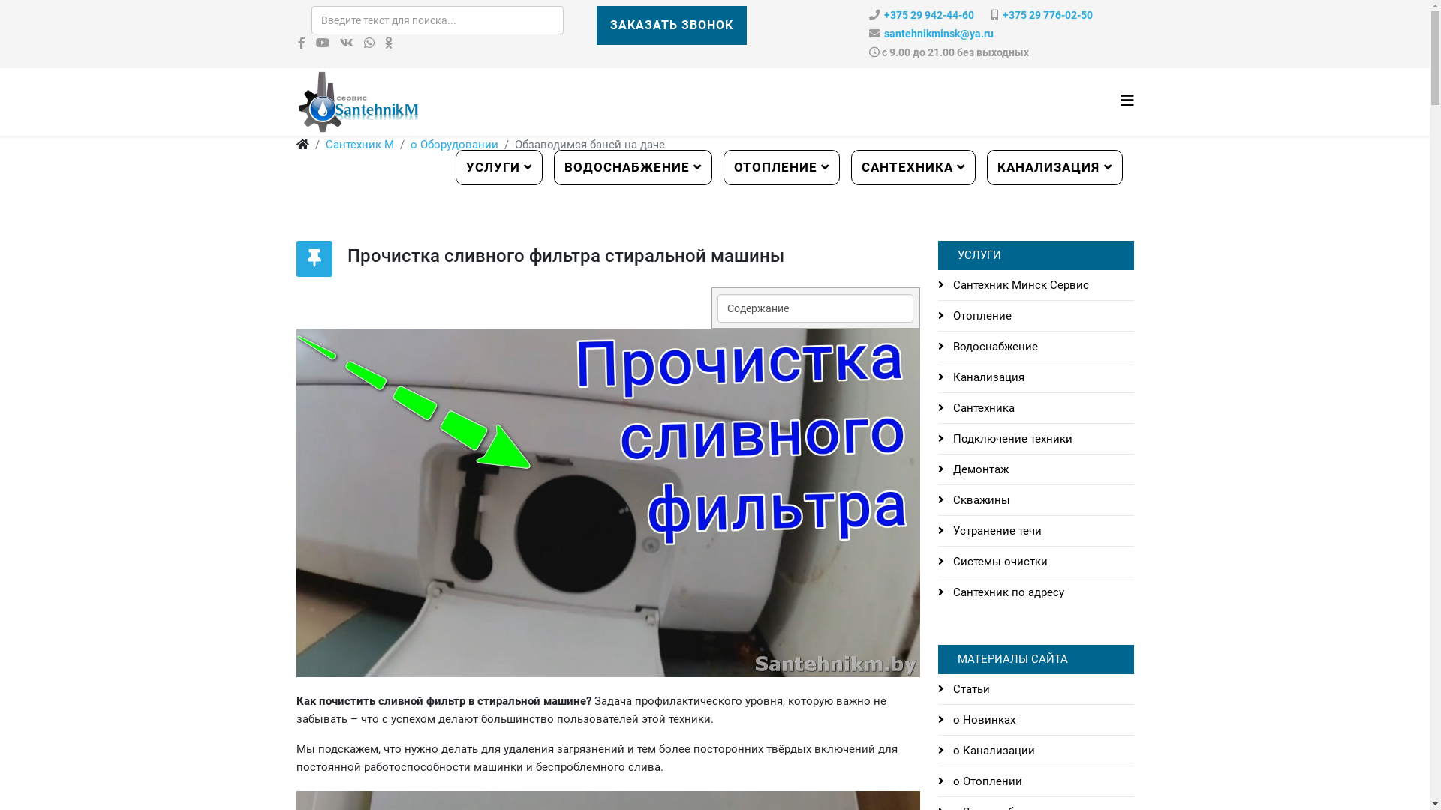  I want to click on 'Helix3 Megamenu Options', so click(1127, 100).